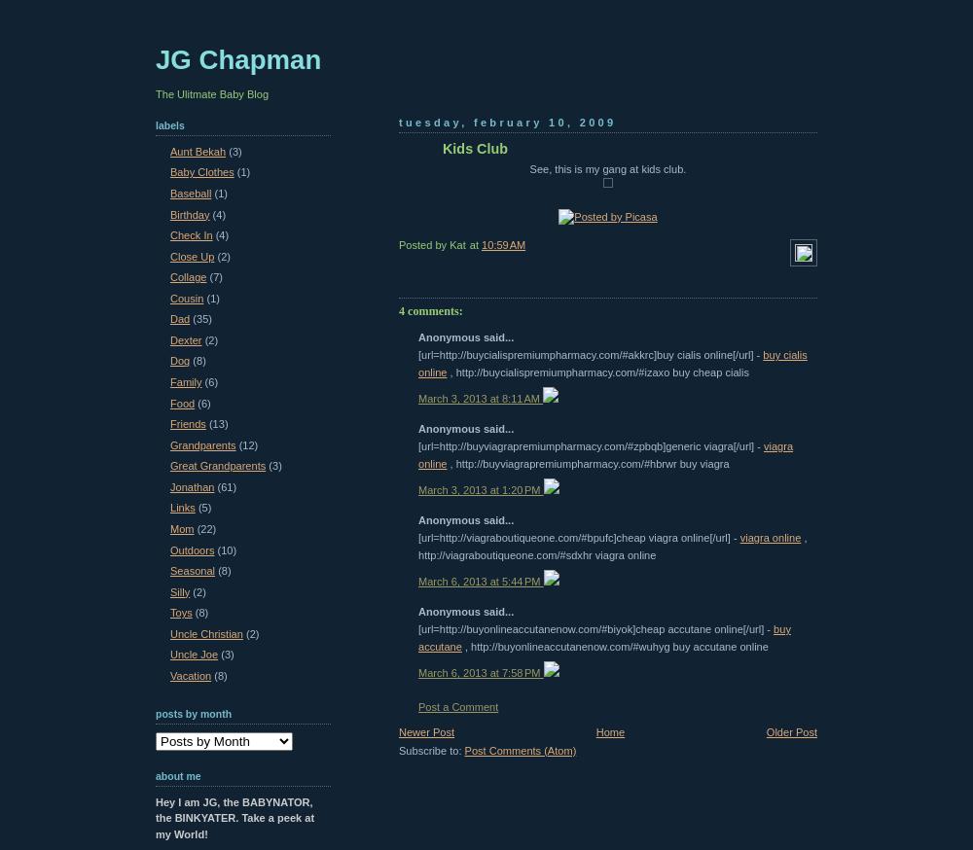 The image size is (973, 850). Describe the element at coordinates (587, 461) in the screenshot. I see `', http://buyviagrapremiumpharmacy.com/#hbrwr buy viagra'` at that location.